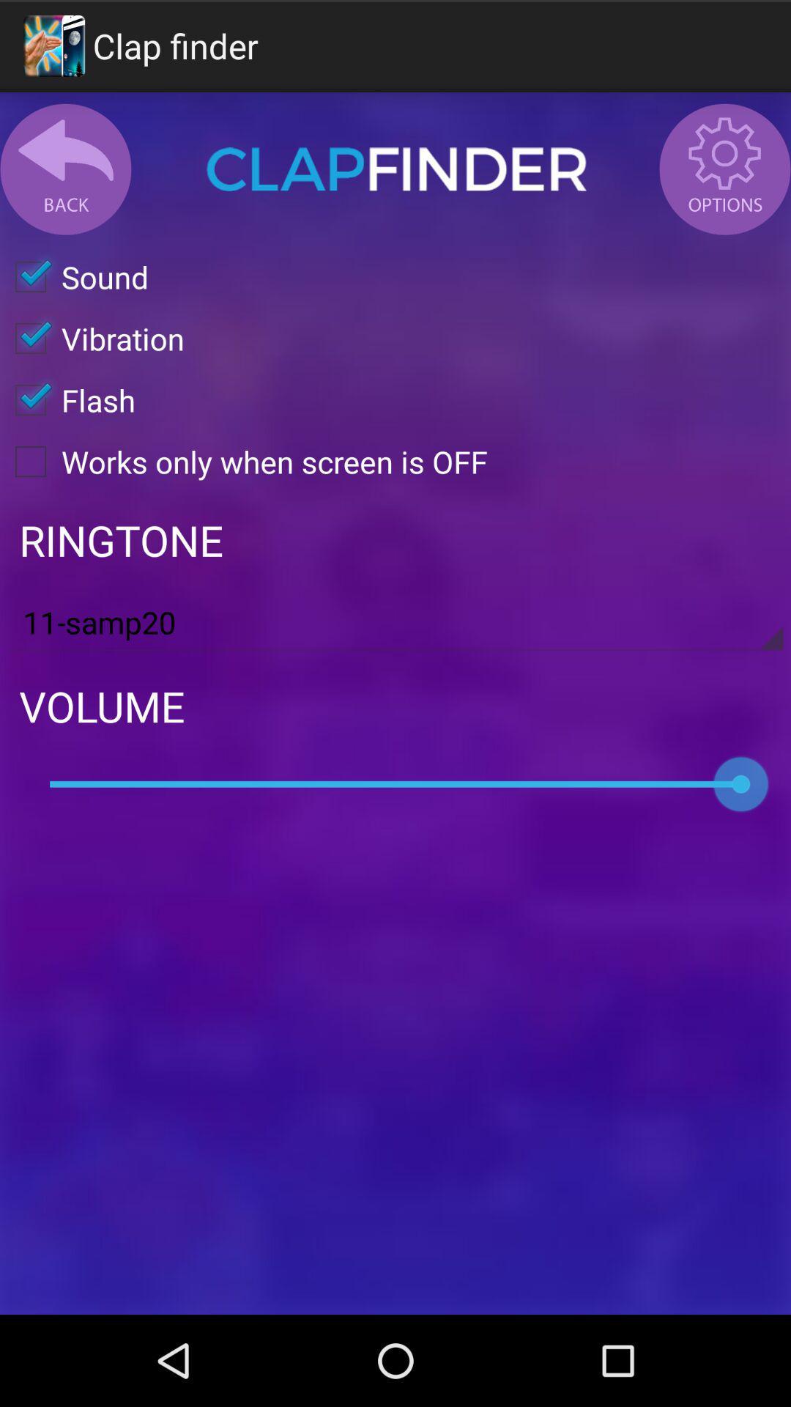  What do you see at coordinates (74, 277) in the screenshot?
I see `icon above the vibration icon` at bounding box center [74, 277].